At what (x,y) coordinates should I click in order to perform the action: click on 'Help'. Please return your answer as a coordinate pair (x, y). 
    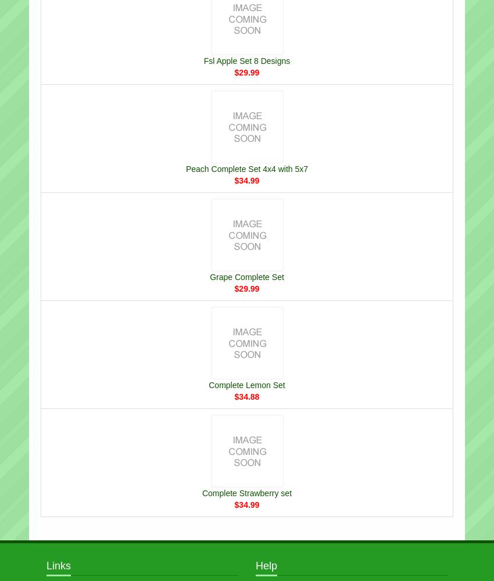
    Looking at the image, I should click on (266, 565).